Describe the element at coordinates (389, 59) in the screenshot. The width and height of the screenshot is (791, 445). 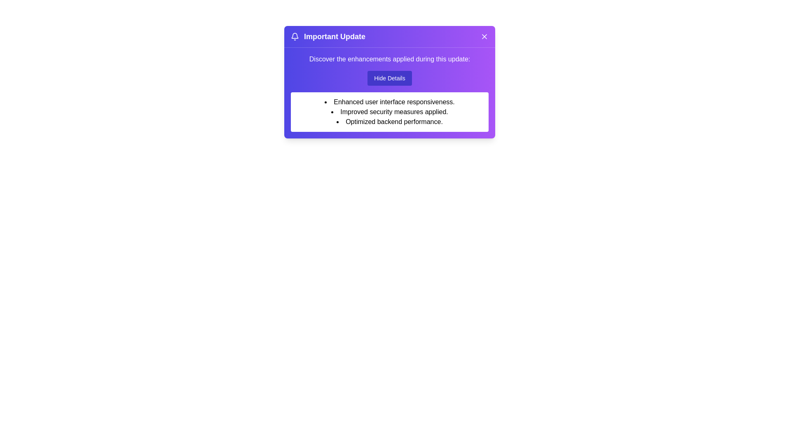
I see `the text 'Discover the enhancements applied during this update:'` at that location.